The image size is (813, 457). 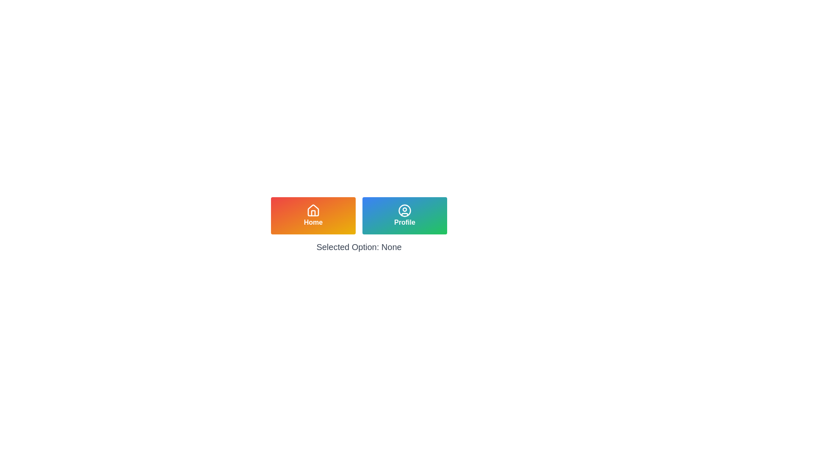 What do you see at coordinates (404, 210) in the screenshot?
I see `the visual effect of the larger circular outline in the 'Profile' button section of the SVG graphic` at bounding box center [404, 210].